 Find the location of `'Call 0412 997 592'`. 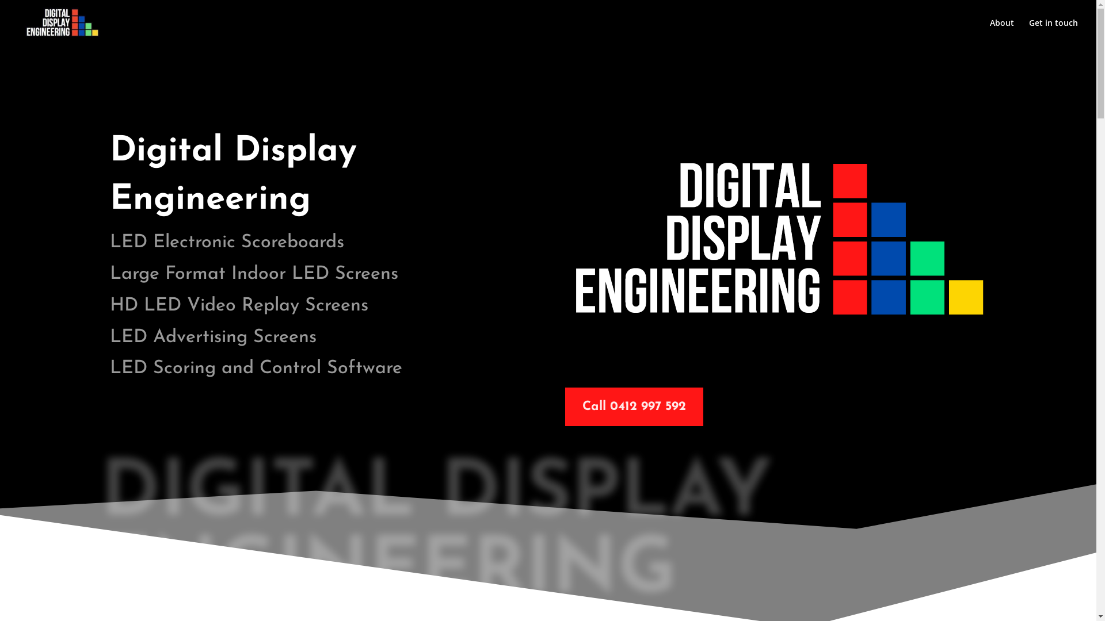

'Call 0412 997 592' is located at coordinates (634, 406).